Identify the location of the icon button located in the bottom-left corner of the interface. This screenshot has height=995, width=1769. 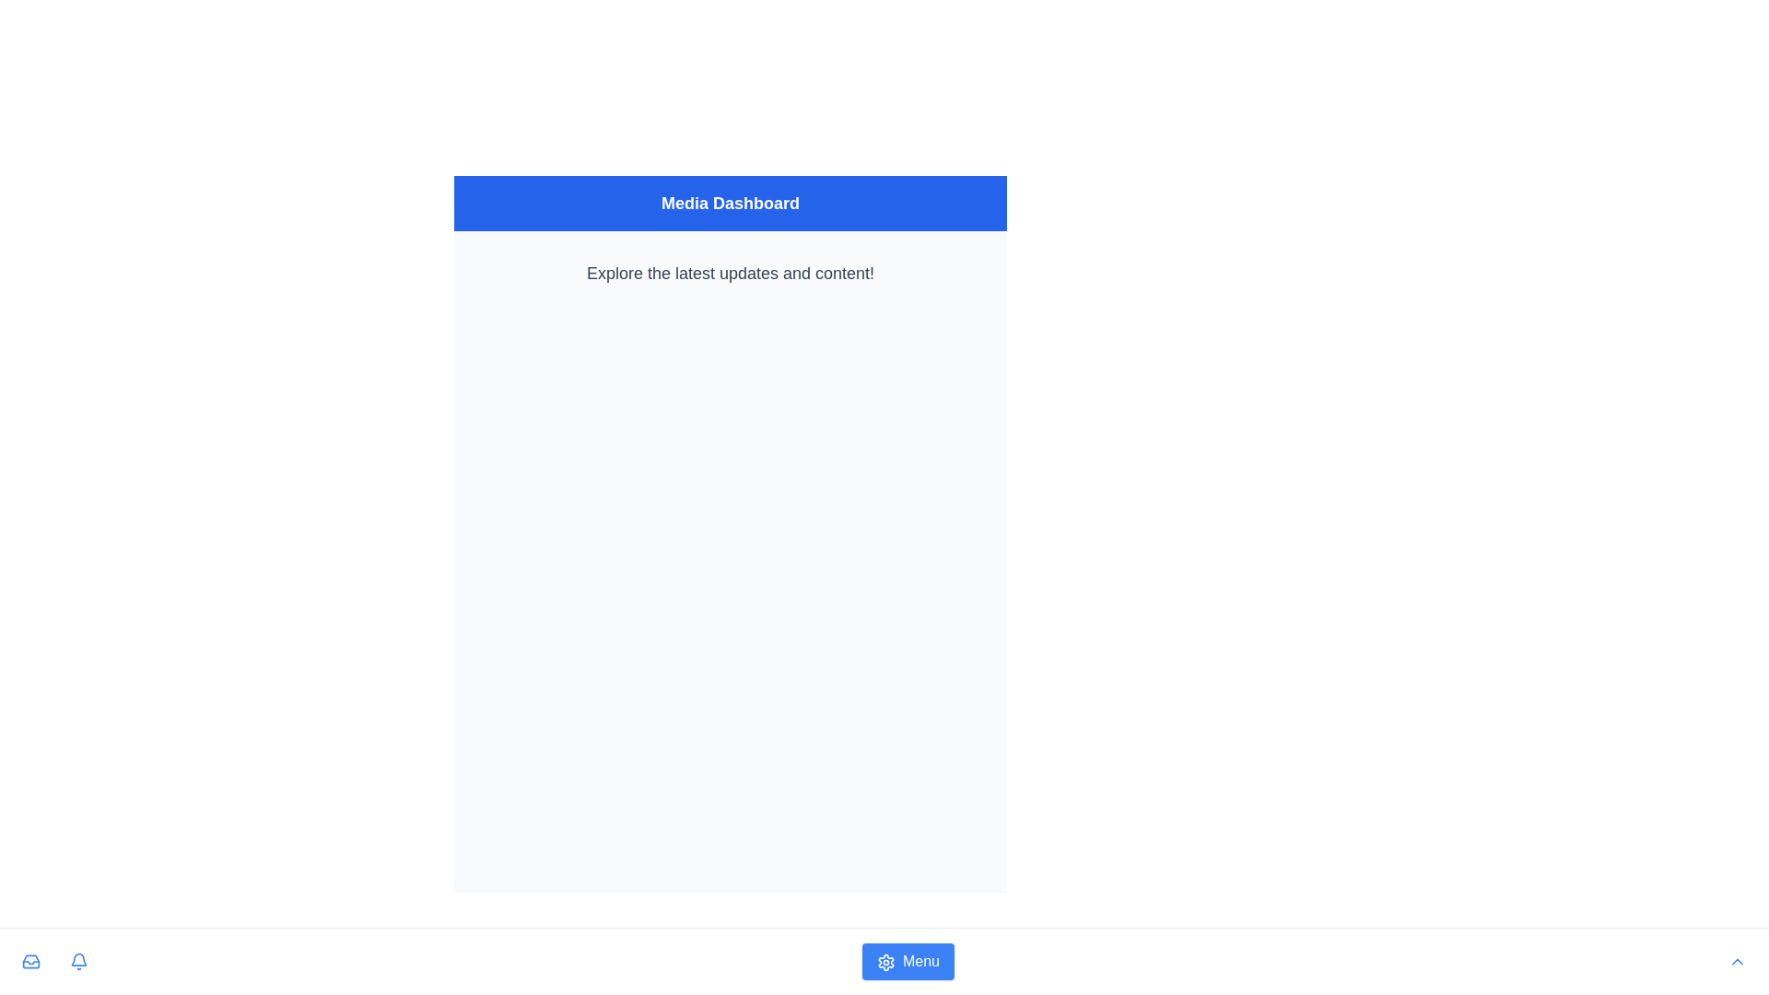
(30, 961).